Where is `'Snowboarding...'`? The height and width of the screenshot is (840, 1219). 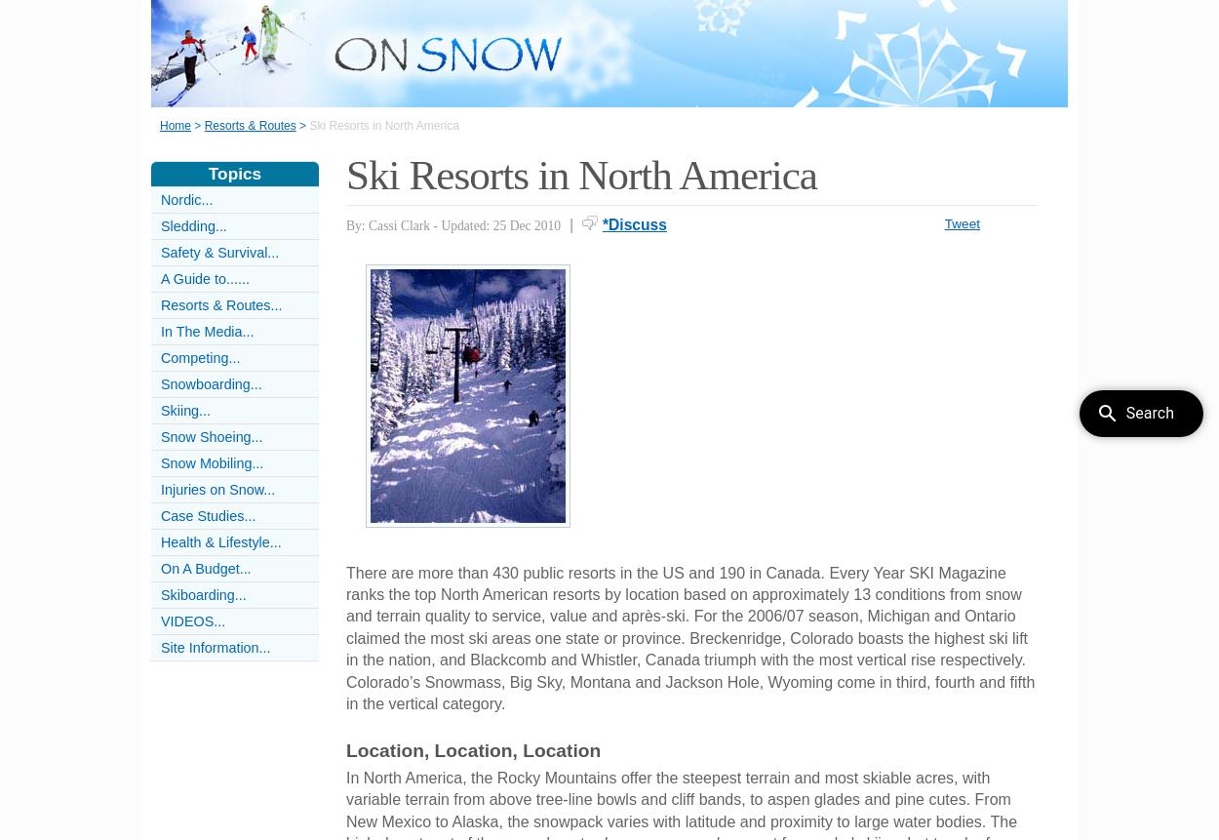 'Snowboarding...' is located at coordinates (210, 383).